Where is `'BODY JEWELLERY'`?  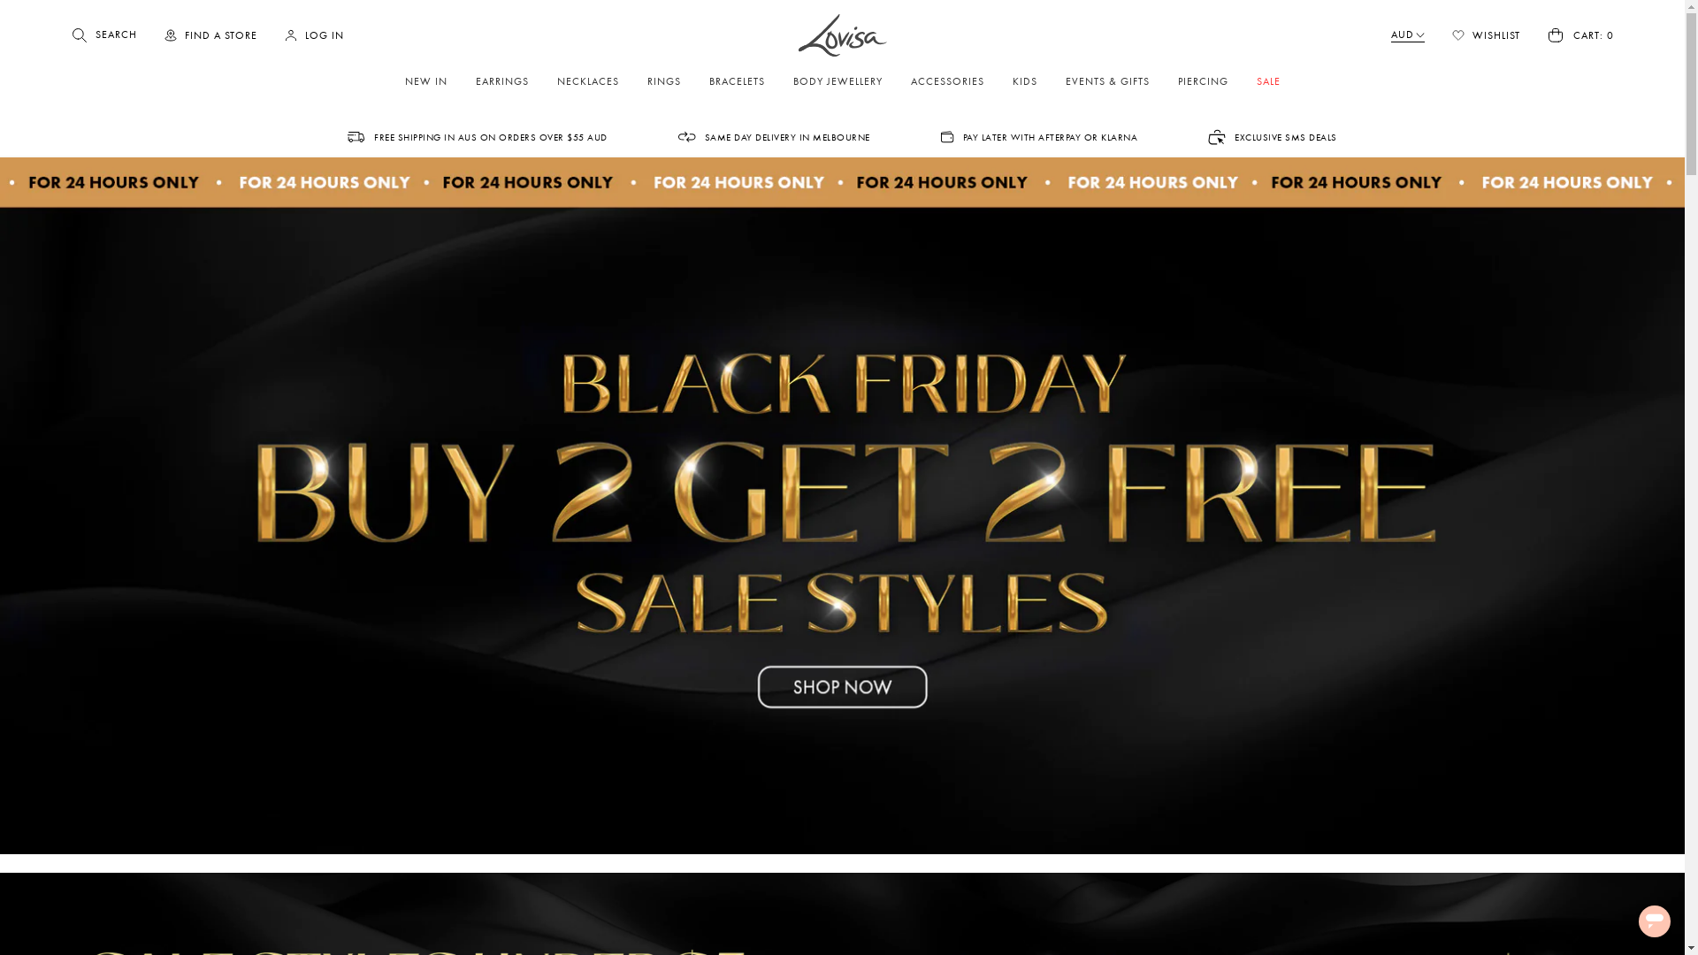
'BODY JEWELLERY' is located at coordinates (836, 81).